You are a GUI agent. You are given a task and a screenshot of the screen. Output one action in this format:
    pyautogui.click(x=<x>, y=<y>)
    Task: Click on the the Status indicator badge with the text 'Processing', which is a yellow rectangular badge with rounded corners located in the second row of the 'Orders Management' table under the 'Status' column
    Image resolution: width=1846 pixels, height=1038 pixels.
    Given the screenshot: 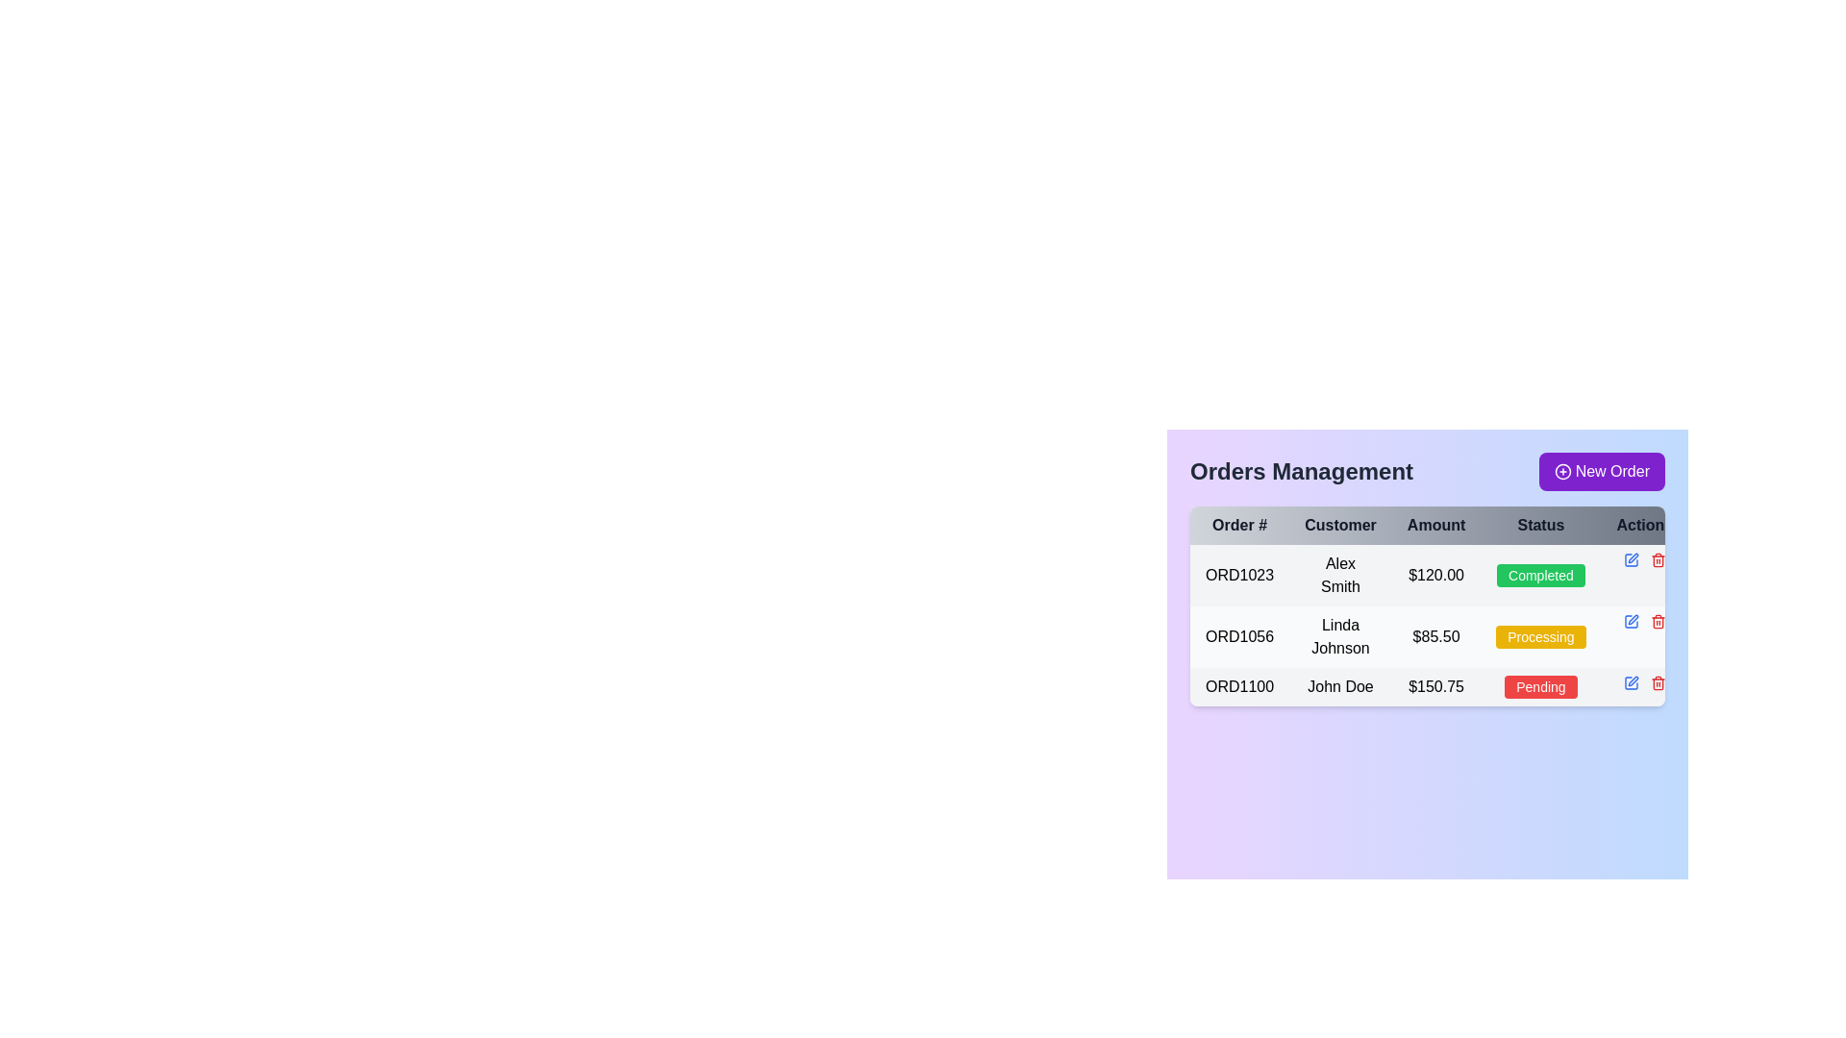 What is the action you would take?
    pyautogui.click(x=1540, y=637)
    